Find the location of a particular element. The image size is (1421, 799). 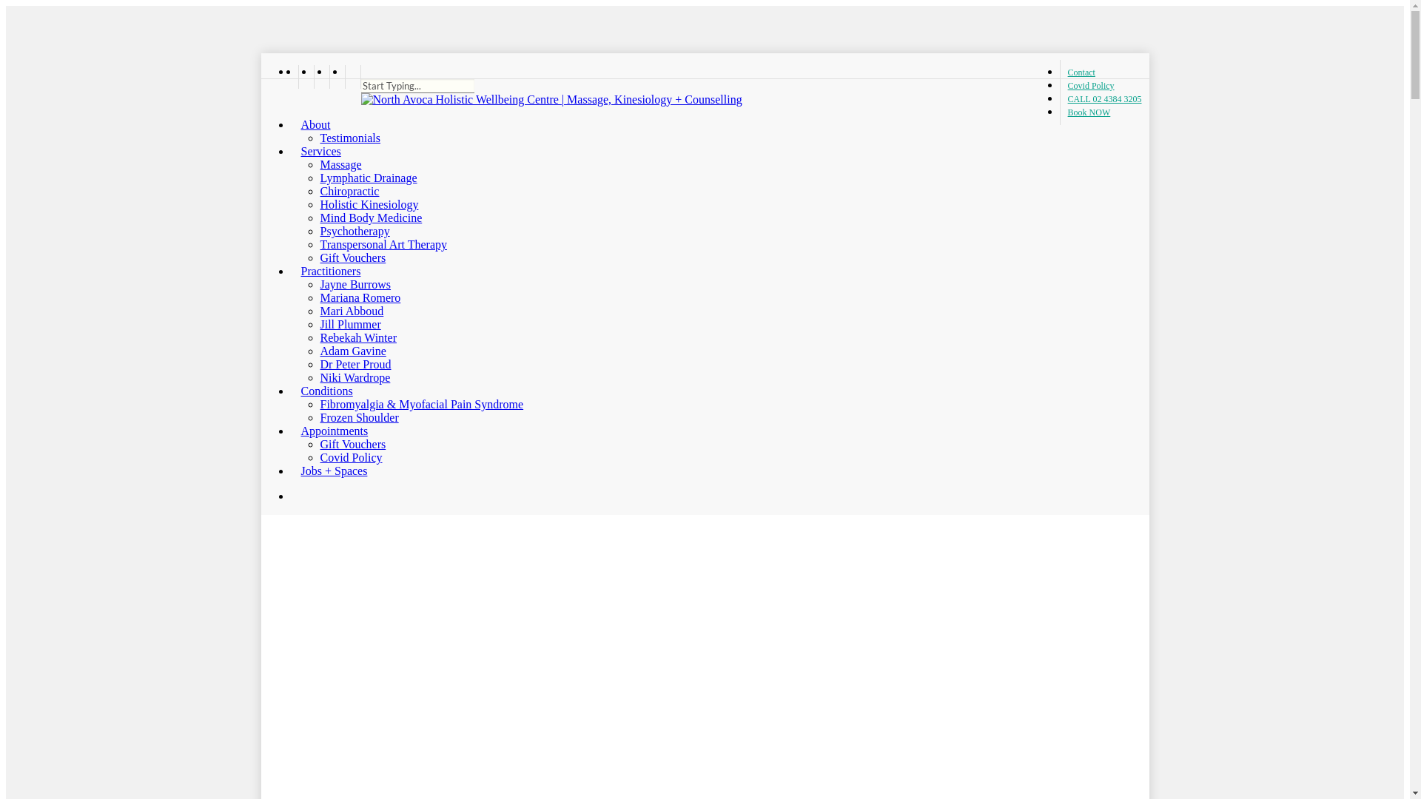

'Covid Policy' is located at coordinates (1090, 85).